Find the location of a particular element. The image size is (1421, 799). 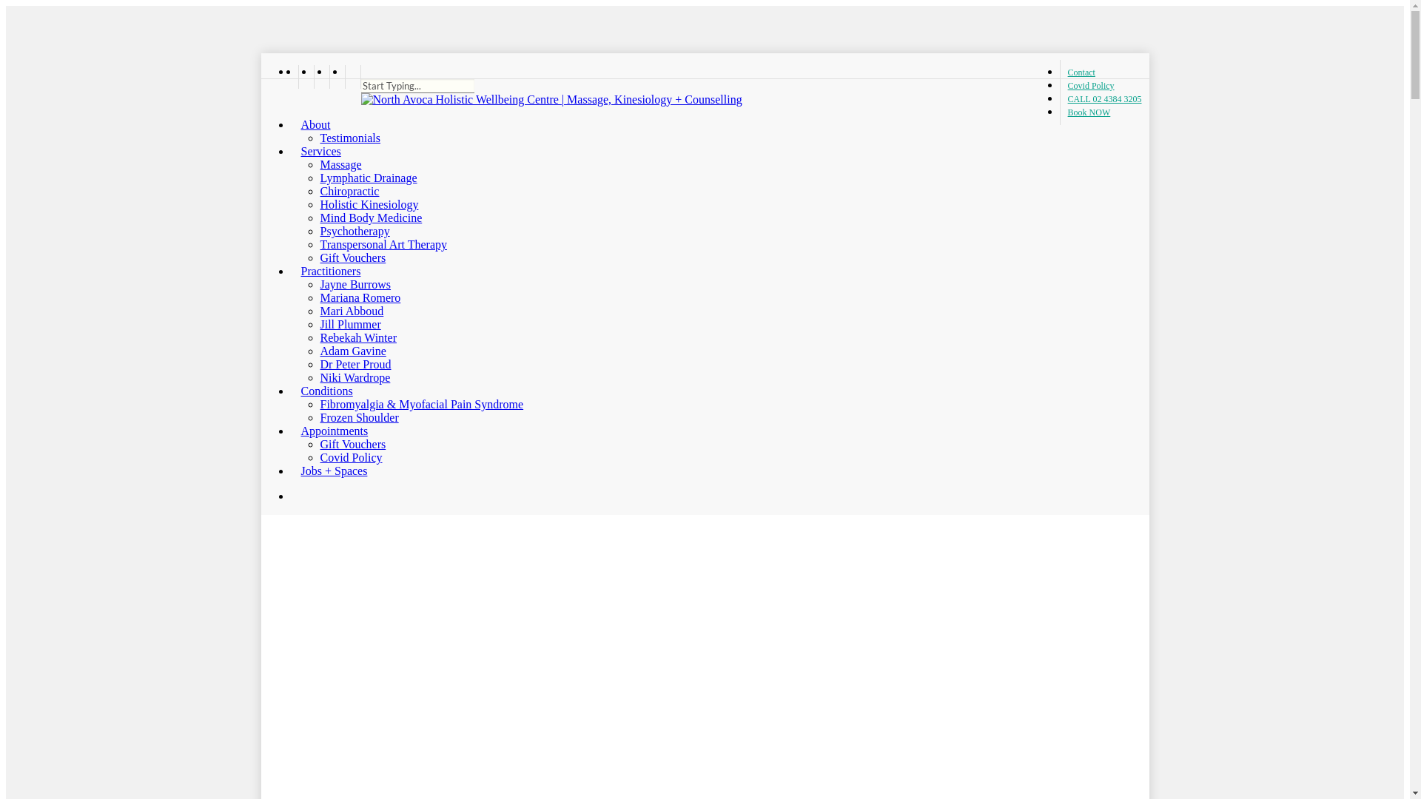

'Covid Policy' is located at coordinates (1090, 85).